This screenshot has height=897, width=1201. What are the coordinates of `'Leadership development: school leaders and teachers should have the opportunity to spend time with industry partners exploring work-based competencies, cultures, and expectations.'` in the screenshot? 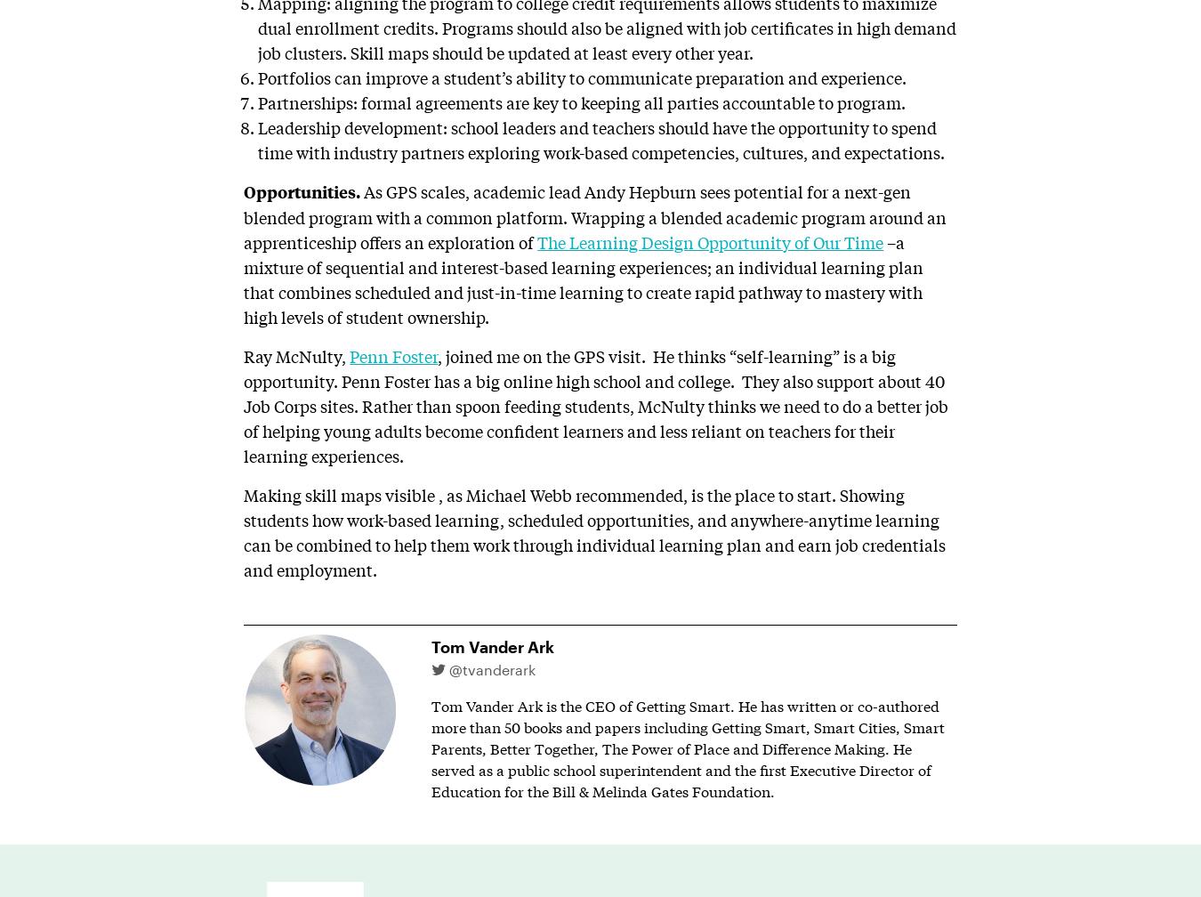 It's located at (256, 139).